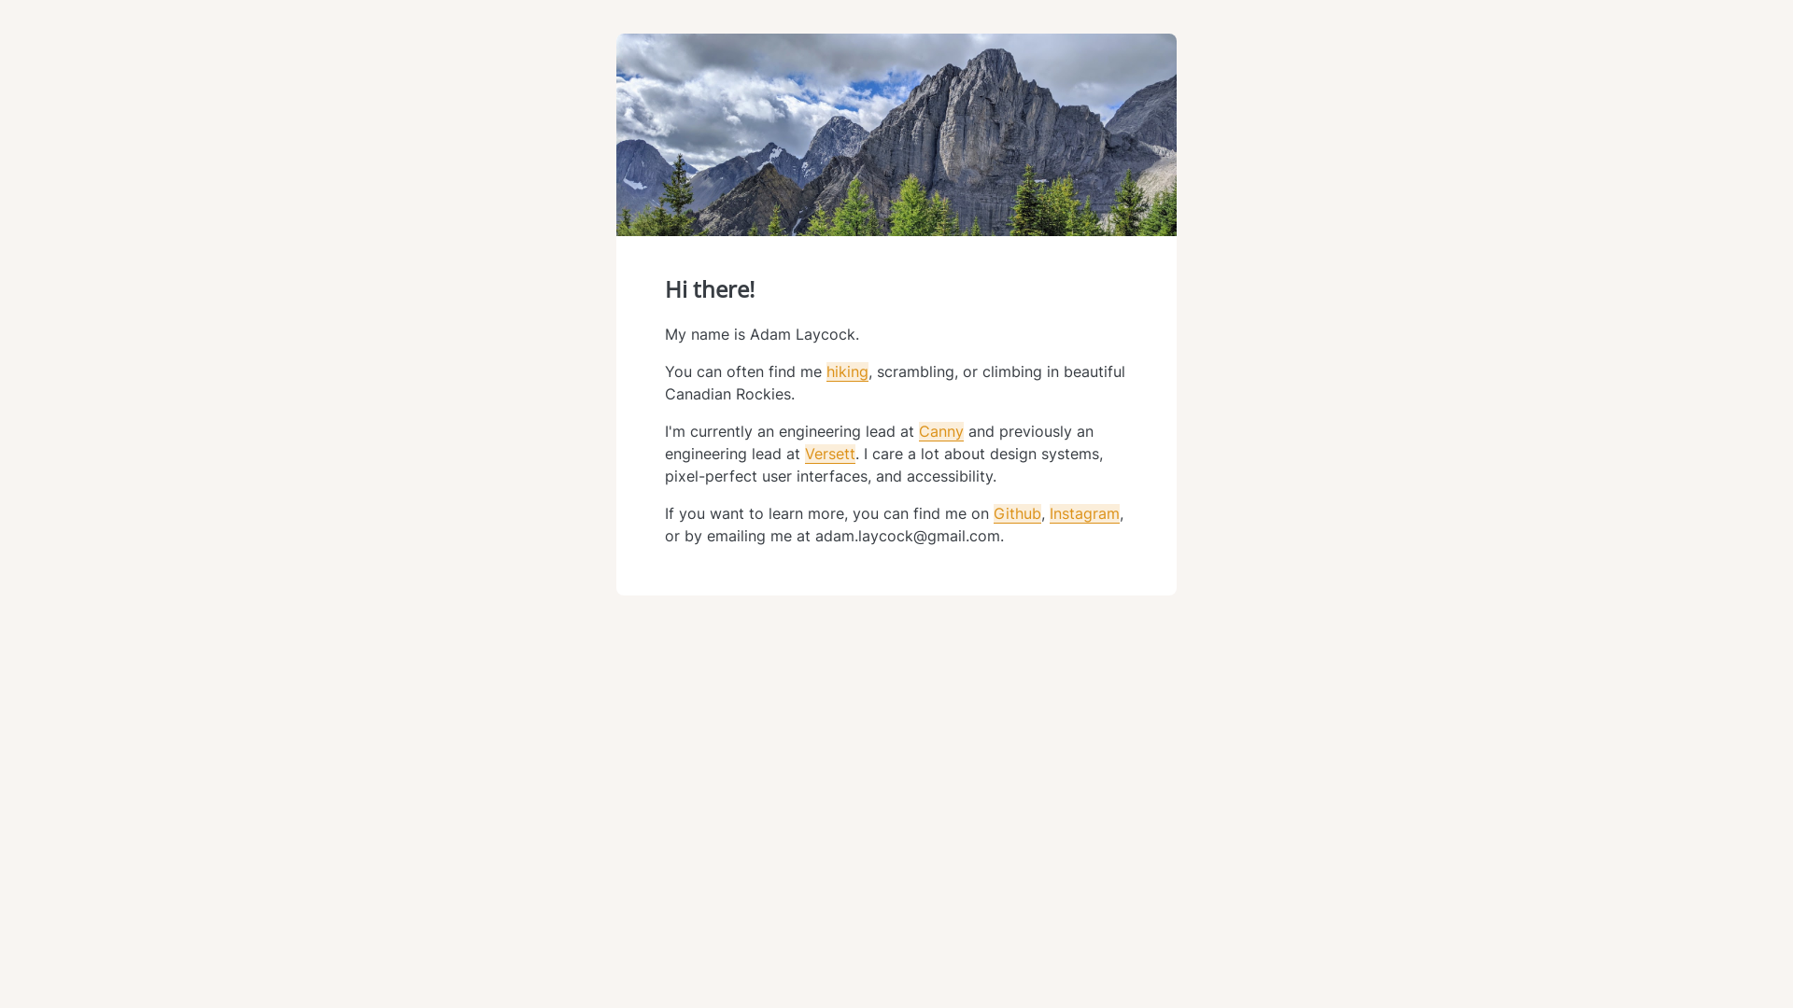 Image resolution: width=1793 pixels, height=1008 pixels. Describe the element at coordinates (825, 371) in the screenshot. I see `'hiking'` at that location.